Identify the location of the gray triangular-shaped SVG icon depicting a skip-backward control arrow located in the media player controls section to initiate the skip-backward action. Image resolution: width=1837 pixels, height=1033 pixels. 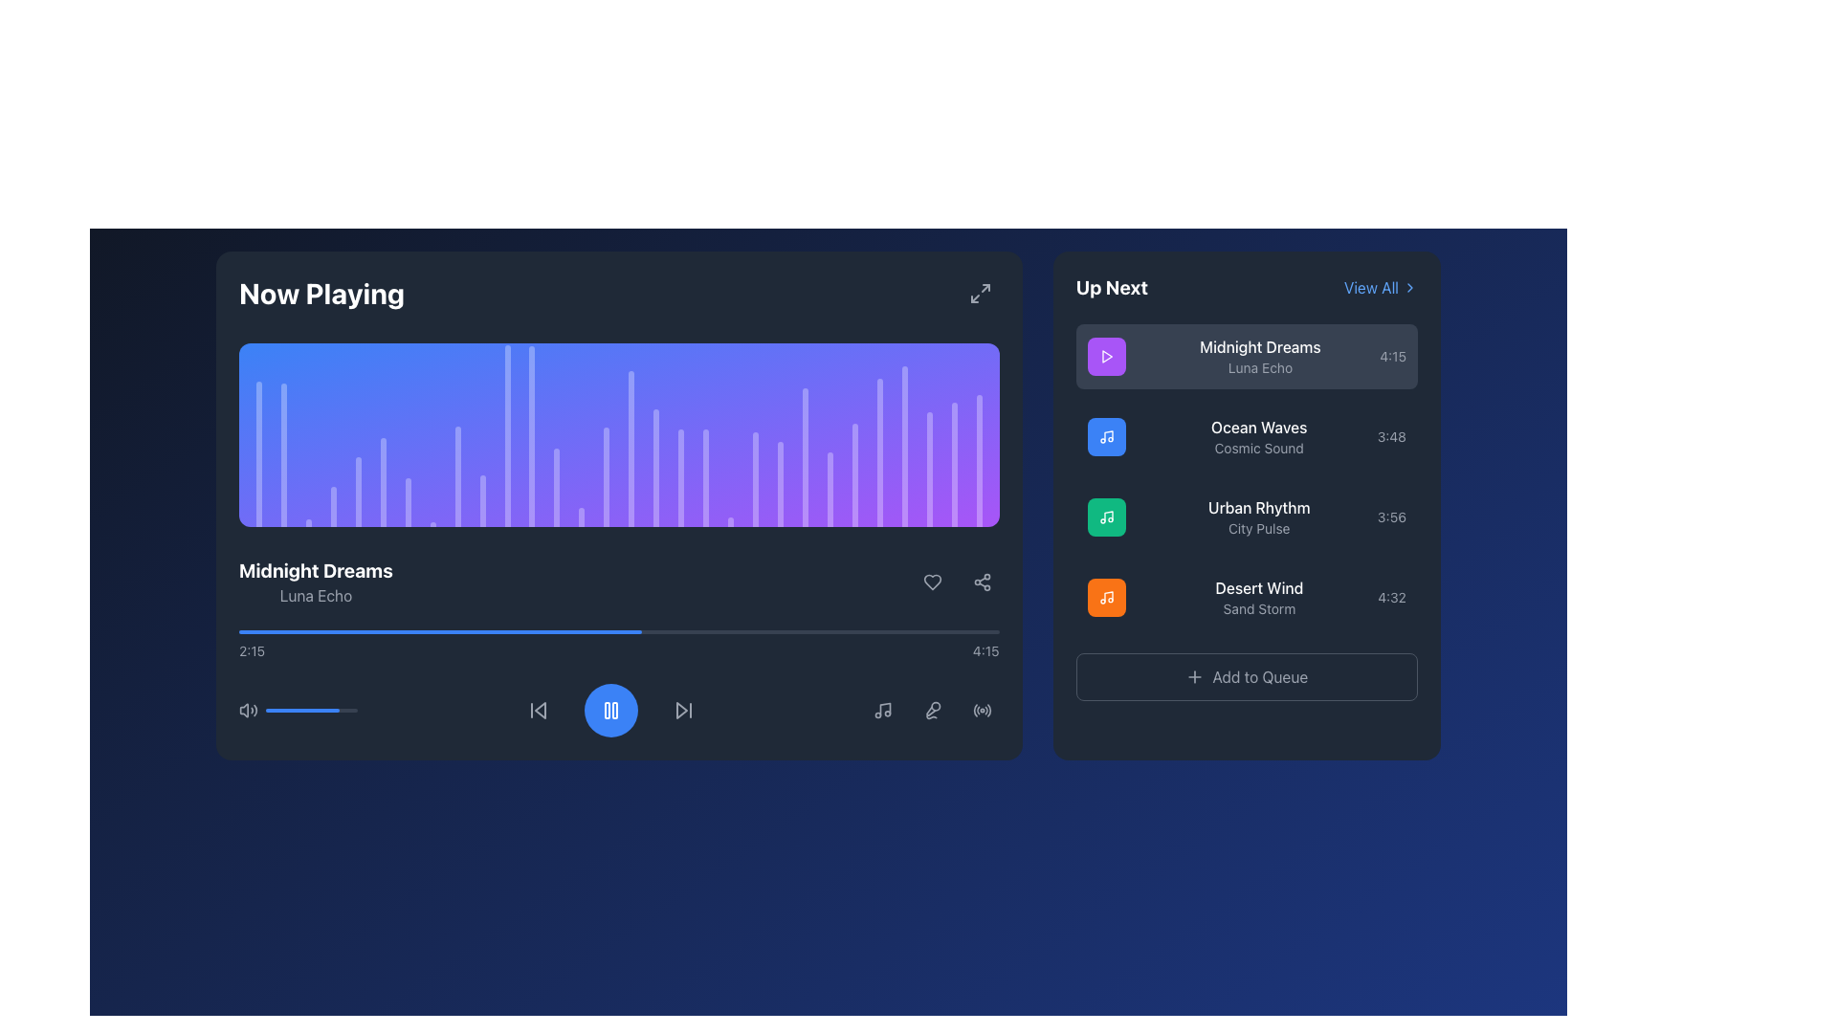
(540, 711).